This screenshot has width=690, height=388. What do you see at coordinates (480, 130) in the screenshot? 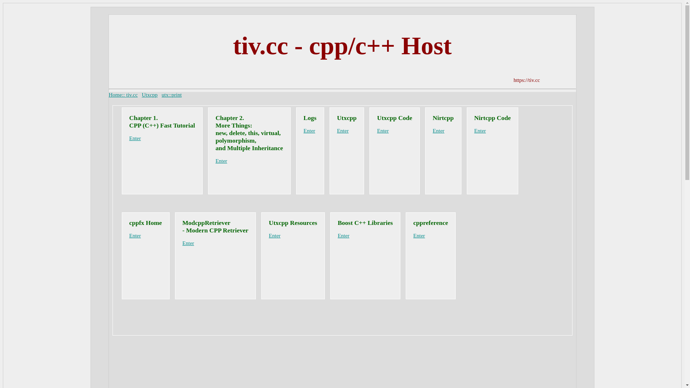
I see `'Enter'` at bounding box center [480, 130].